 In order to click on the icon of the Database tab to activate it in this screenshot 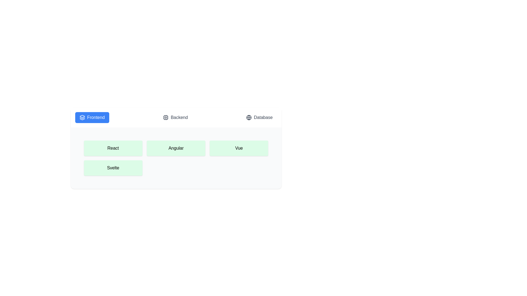, I will do `click(249, 117)`.